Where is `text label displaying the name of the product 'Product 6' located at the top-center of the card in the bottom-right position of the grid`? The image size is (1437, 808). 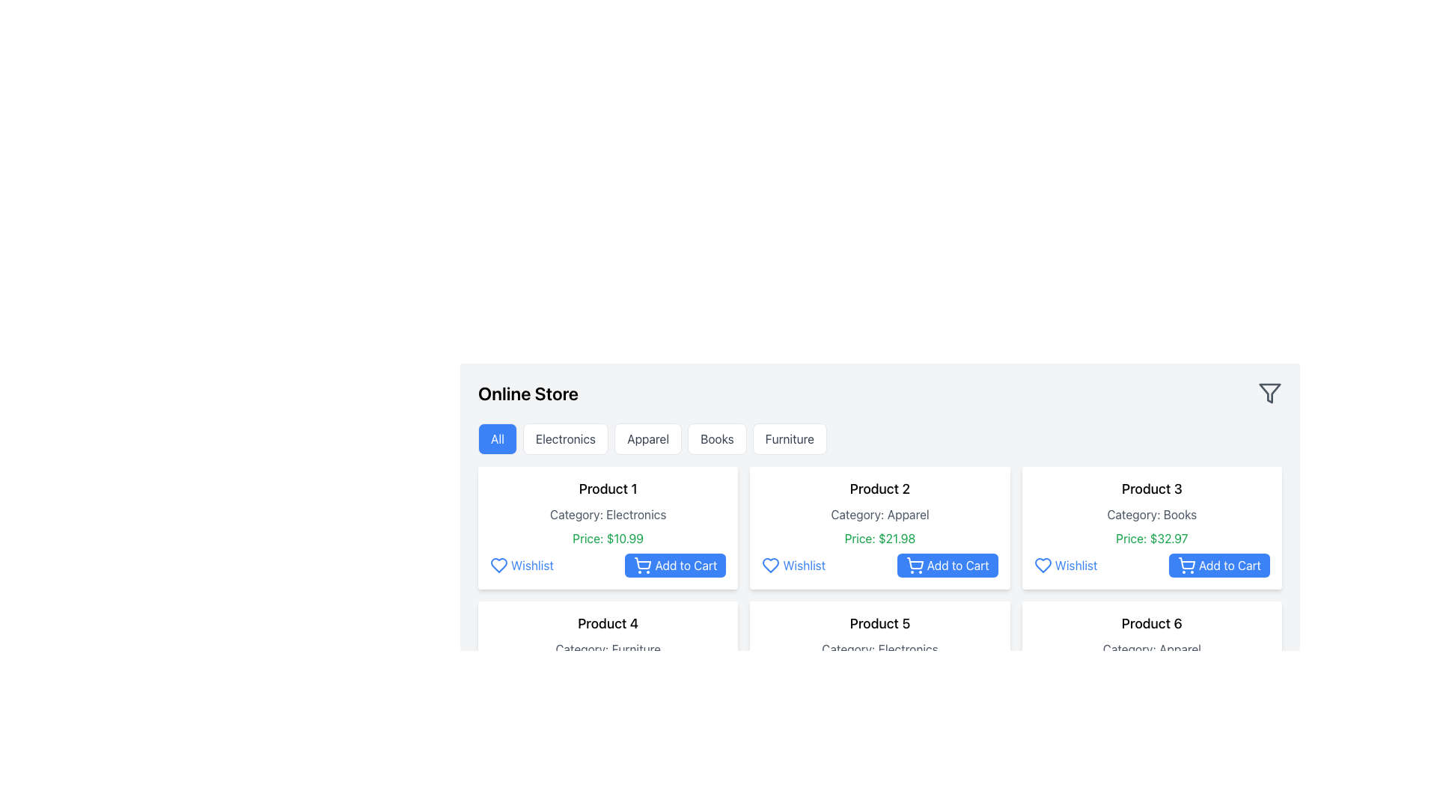 text label displaying the name of the product 'Product 6' located at the top-center of the card in the bottom-right position of the grid is located at coordinates (1151, 623).